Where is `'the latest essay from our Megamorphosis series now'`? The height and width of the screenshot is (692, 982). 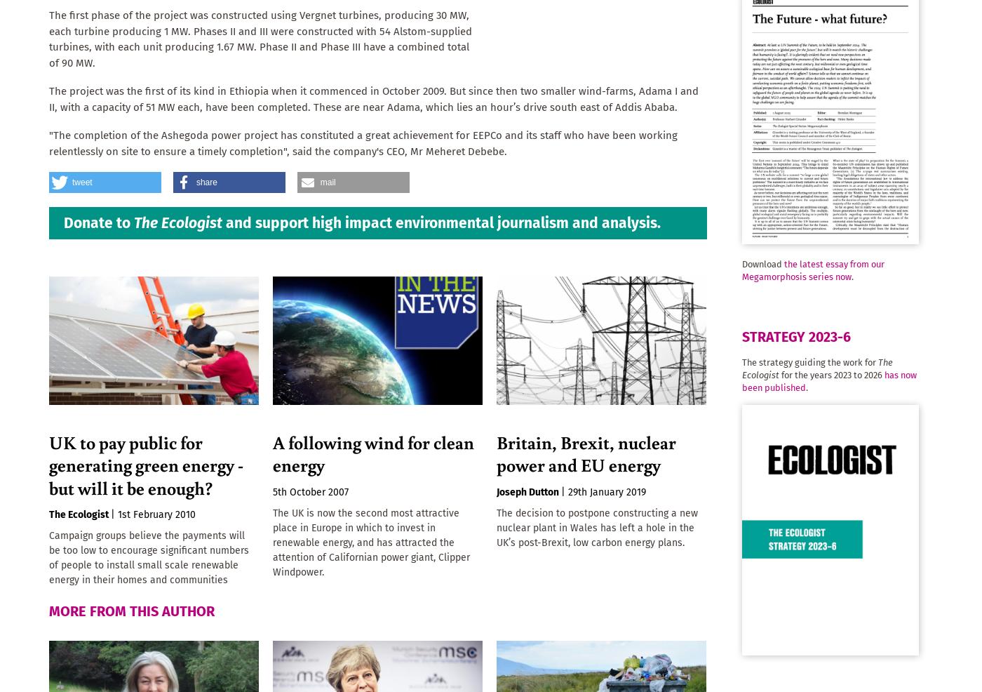
'the latest essay from our Megamorphosis series now' is located at coordinates (812, 270).